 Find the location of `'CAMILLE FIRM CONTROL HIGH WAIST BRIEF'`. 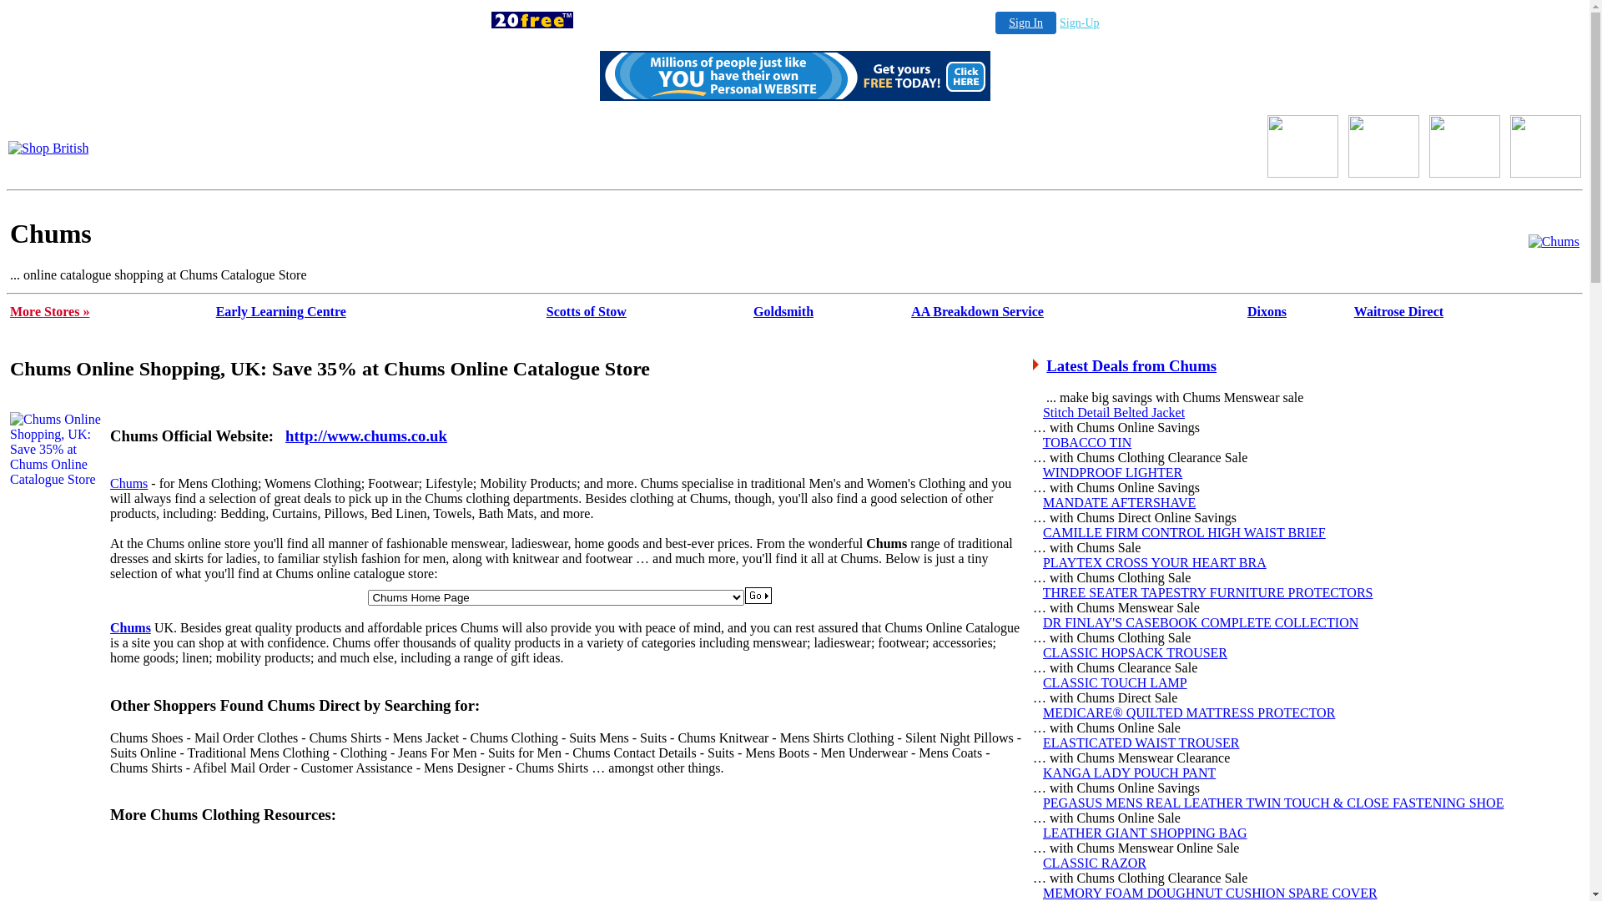

'CAMILLE FIRM CONTROL HIGH WAIST BRIEF' is located at coordinates (1183, 532).